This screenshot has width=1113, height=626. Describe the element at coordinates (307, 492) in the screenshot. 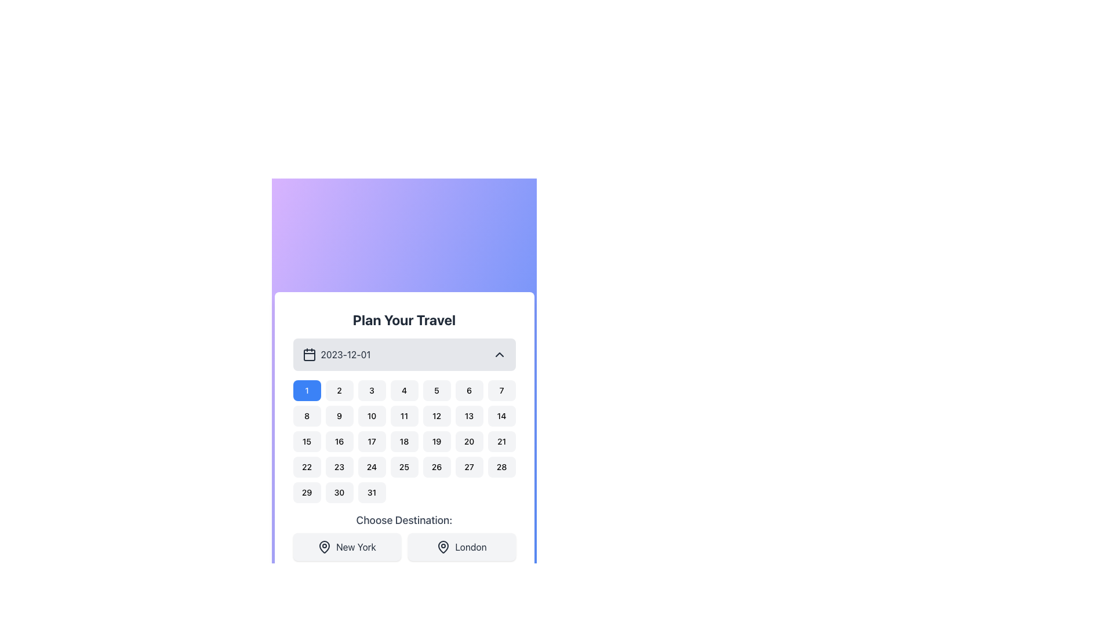

I see `the button representing the 29th day in the calendar grid to change its background color` at that location.